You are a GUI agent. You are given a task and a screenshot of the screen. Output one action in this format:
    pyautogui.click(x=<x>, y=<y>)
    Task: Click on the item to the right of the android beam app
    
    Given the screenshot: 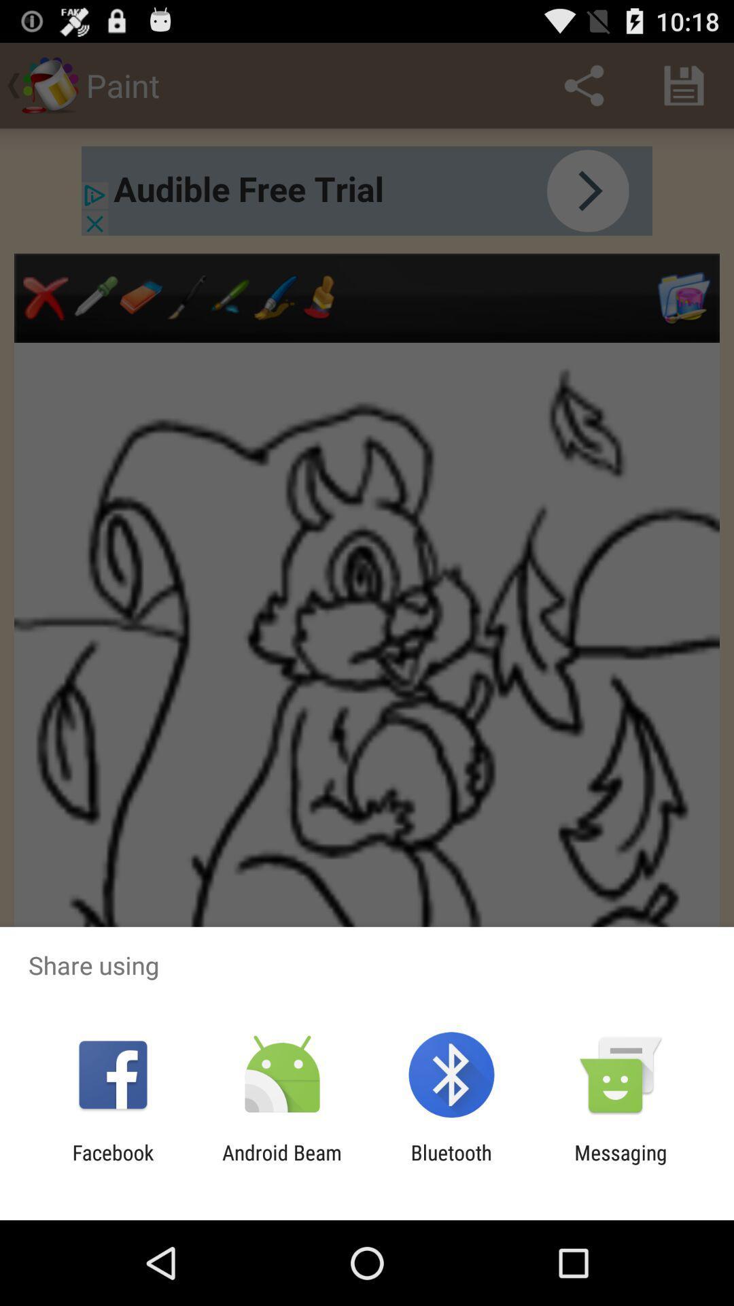 What is the action you would take?
    pyautogui.click(x=451, y=1164)
    